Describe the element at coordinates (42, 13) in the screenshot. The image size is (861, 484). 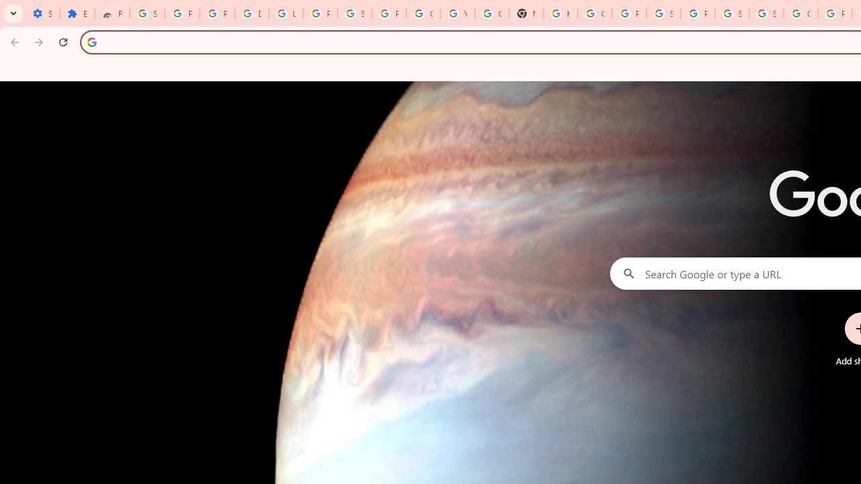
I see `'Settings - On startup'` at that location.